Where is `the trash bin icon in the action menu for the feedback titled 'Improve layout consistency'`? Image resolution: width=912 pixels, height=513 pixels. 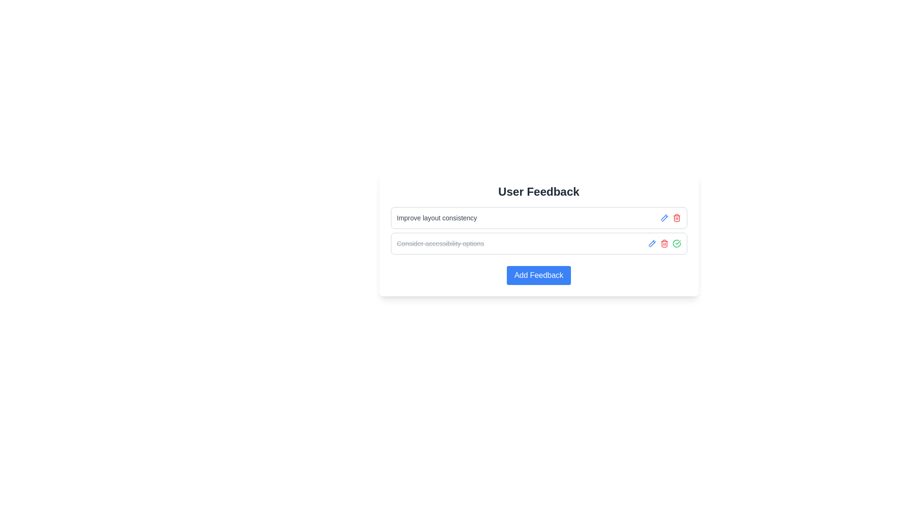
the trash bin icon in the action menu for the feedback titled 'Improve layout consistency' is located at coordinates (670, 218).